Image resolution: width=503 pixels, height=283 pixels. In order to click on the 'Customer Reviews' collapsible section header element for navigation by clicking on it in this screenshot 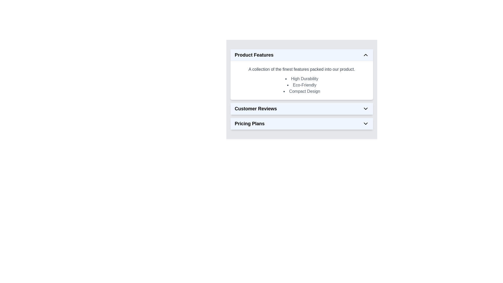, I will do `click(302, 108)`.